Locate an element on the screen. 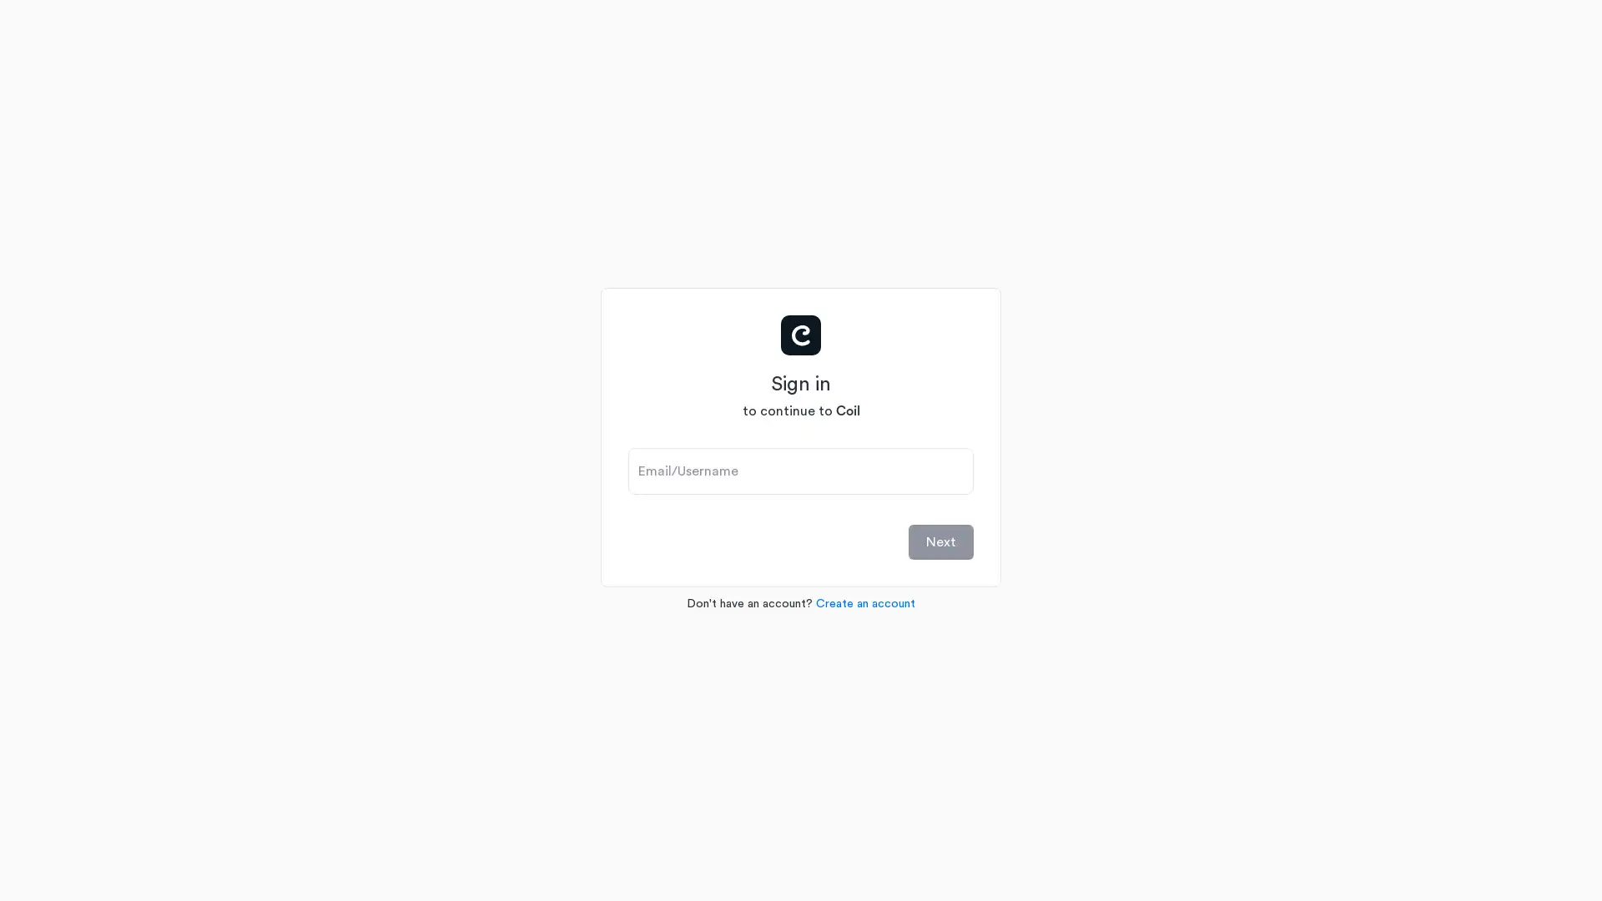 This screenshot has width=1602, height=901. Next is located at coordinates (941, 541).